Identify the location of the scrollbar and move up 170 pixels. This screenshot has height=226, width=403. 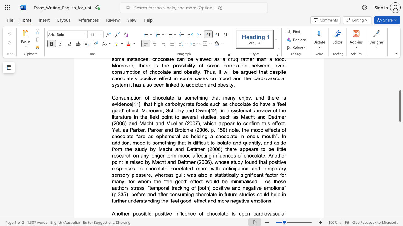
(400, 106).